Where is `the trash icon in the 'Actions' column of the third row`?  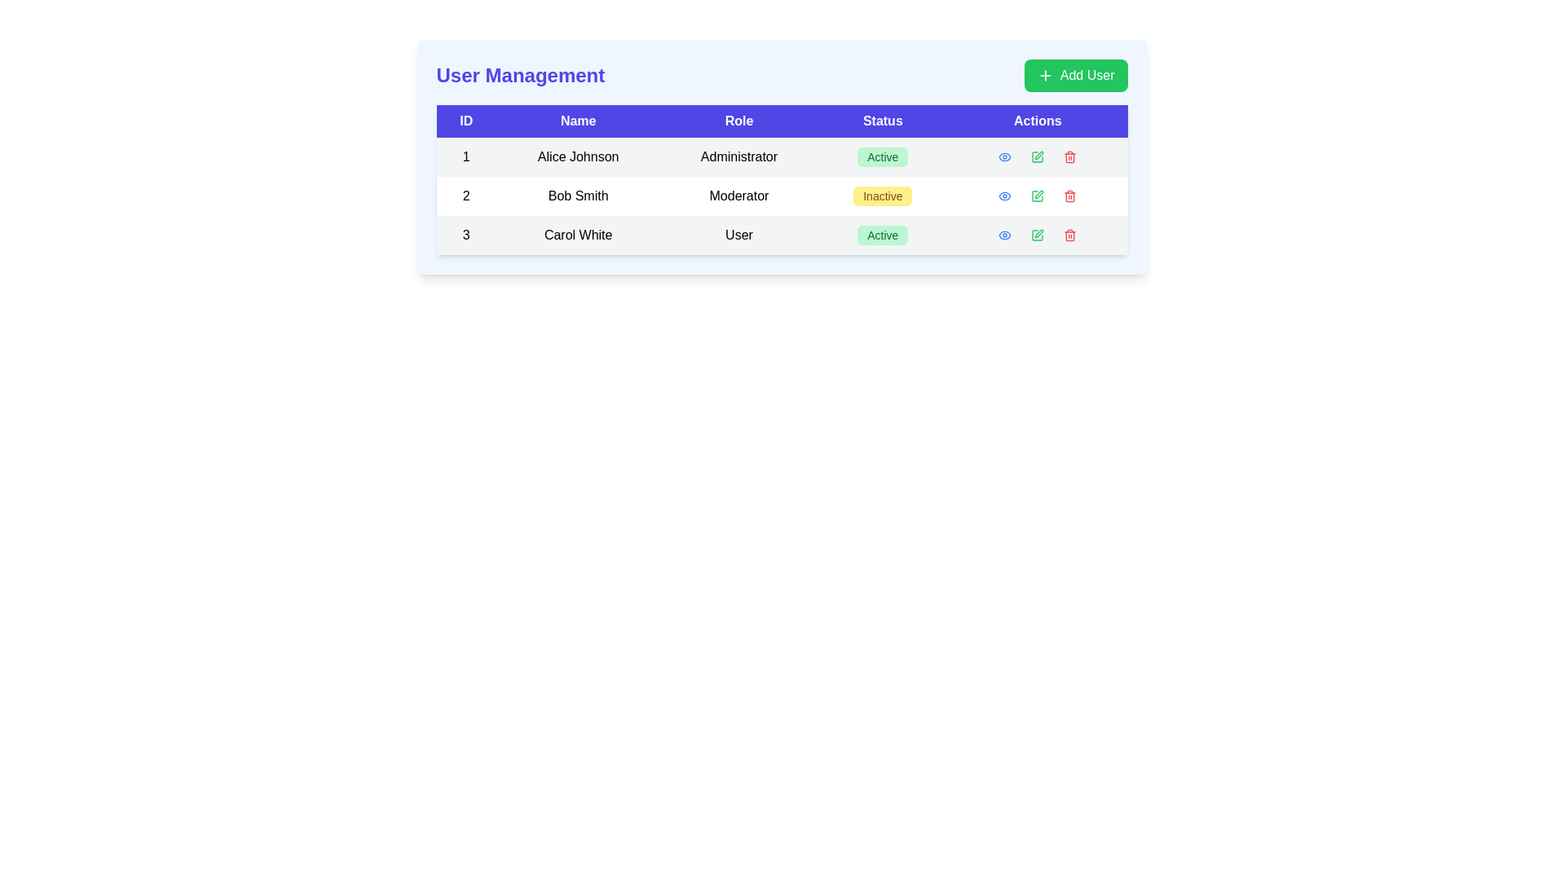 the trash icon in the 'Actions' column of the third row is located at coordinates (1070, 235).